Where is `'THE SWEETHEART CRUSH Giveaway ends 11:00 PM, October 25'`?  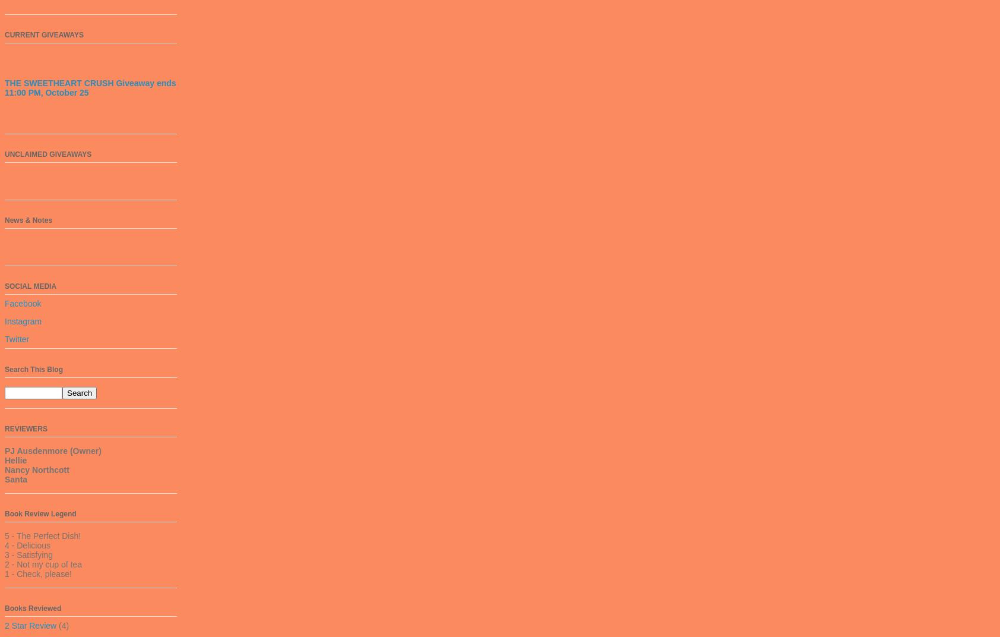 'THE SWEETHEART CRUSH Giveaway ends 11:00 PM, October 25' is located at coordinates (90, 86).